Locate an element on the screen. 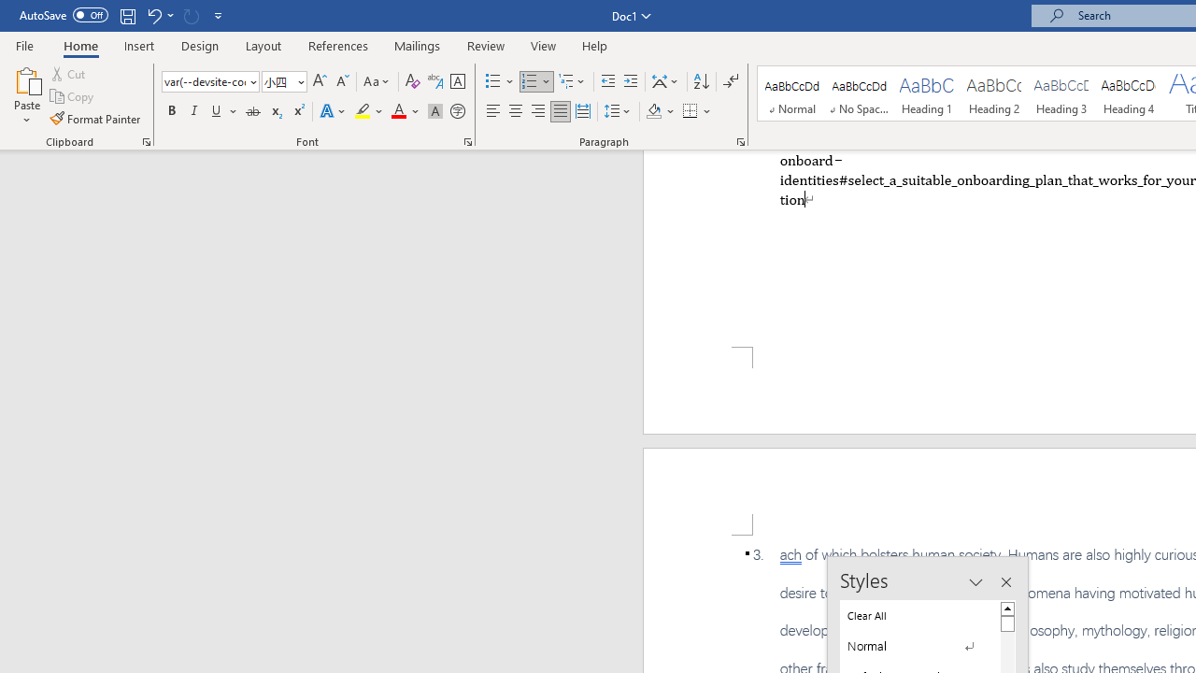 This screenshot has width=1196, height=673. 'Distributed' is located at coordinates (582, 111).